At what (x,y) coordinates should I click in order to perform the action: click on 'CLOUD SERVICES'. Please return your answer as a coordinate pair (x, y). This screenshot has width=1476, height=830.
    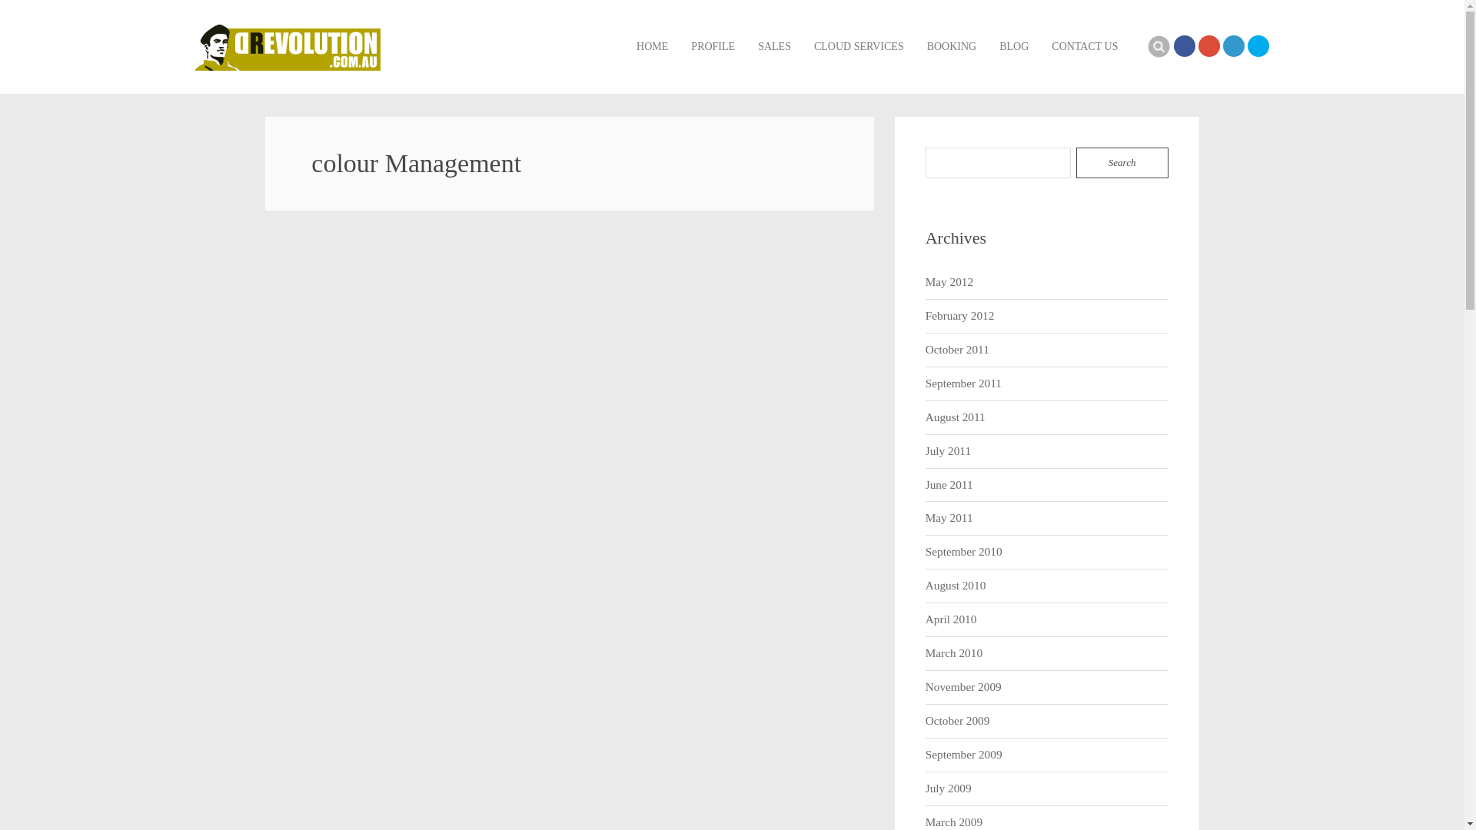
    Looking at the image, I should click on (858, 46).